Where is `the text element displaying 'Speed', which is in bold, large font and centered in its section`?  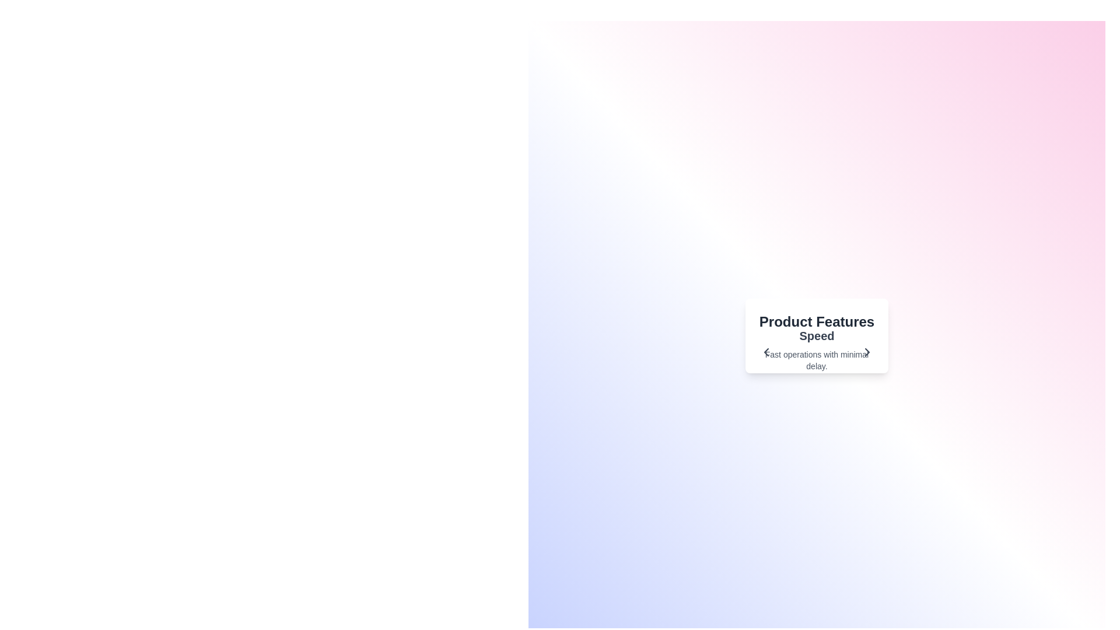
the text element displaying 'Speed', which is in bold, large font and centered in its section is located at coordinates (816, 335).